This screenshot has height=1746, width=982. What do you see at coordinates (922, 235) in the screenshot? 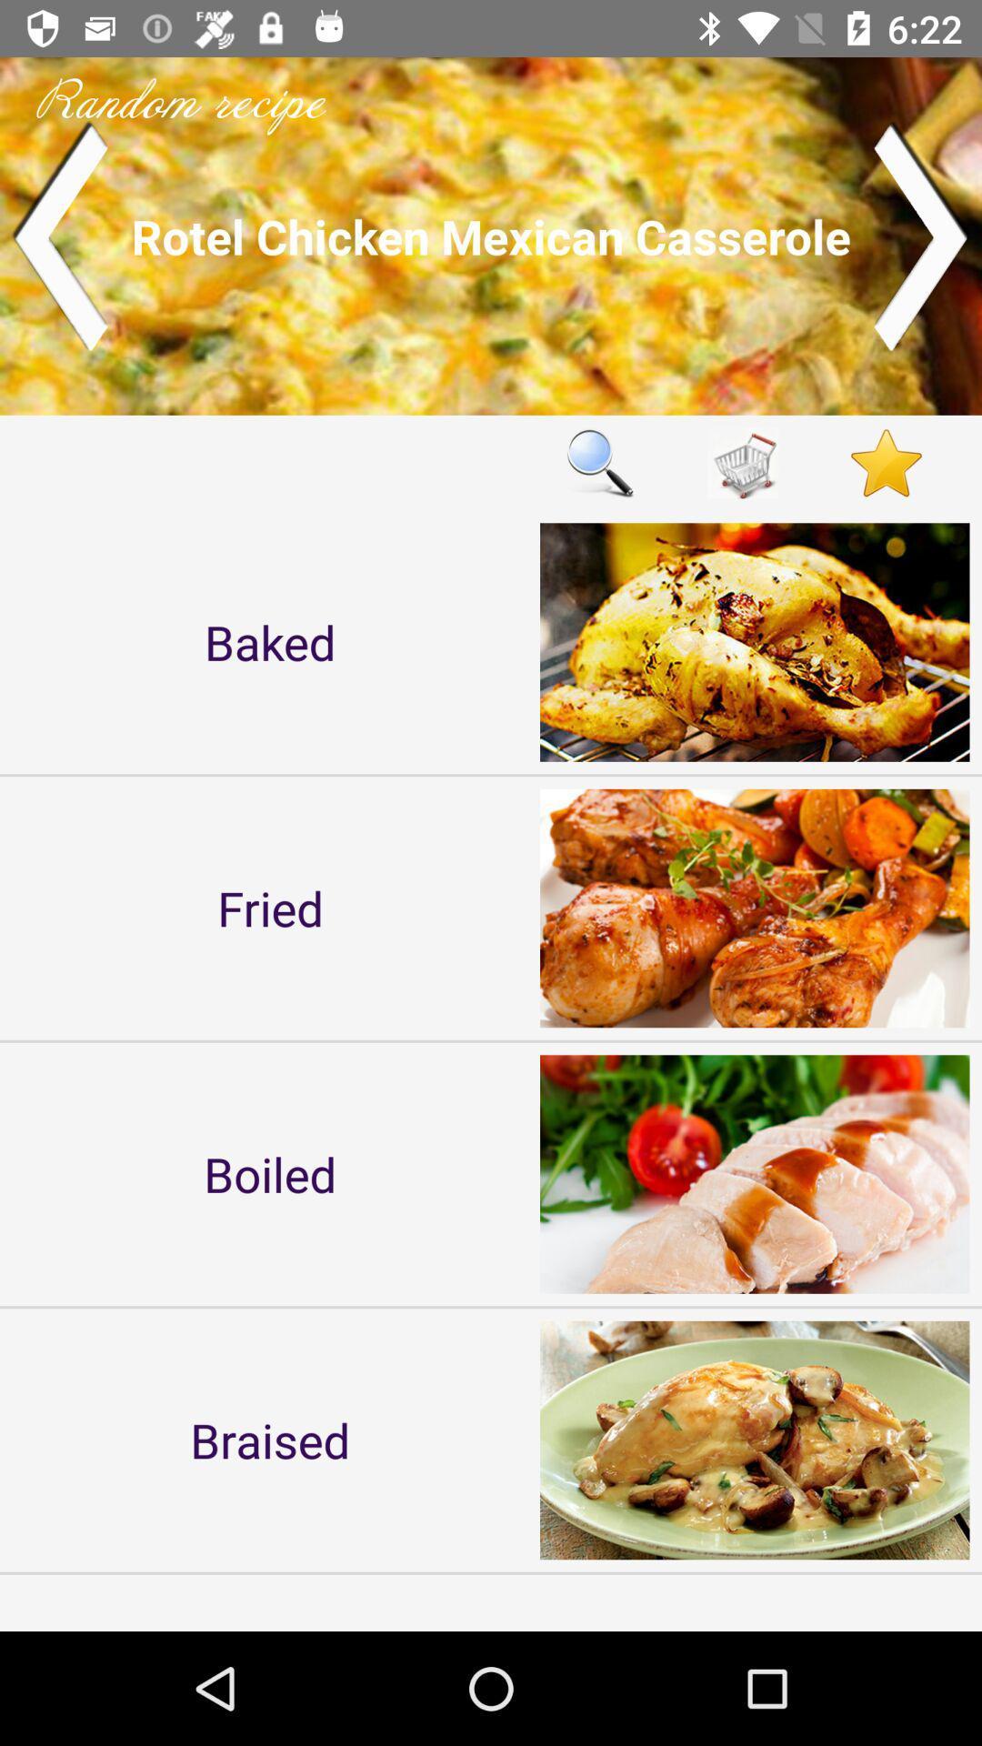
I see `switch to next recipe` at bounding box center [922, 235].